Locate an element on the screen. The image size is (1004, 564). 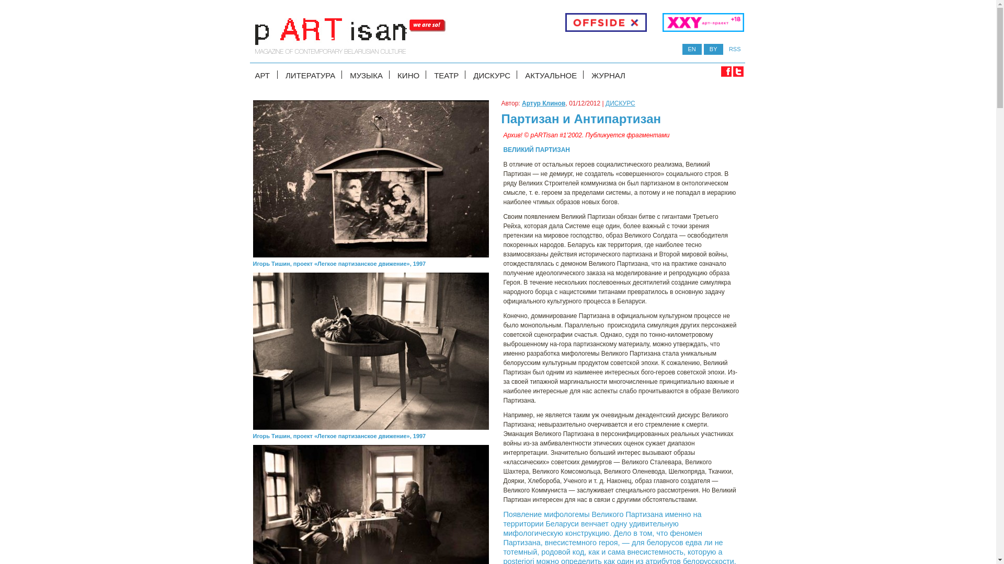
'RSS' is located at coordinates (734, 49).